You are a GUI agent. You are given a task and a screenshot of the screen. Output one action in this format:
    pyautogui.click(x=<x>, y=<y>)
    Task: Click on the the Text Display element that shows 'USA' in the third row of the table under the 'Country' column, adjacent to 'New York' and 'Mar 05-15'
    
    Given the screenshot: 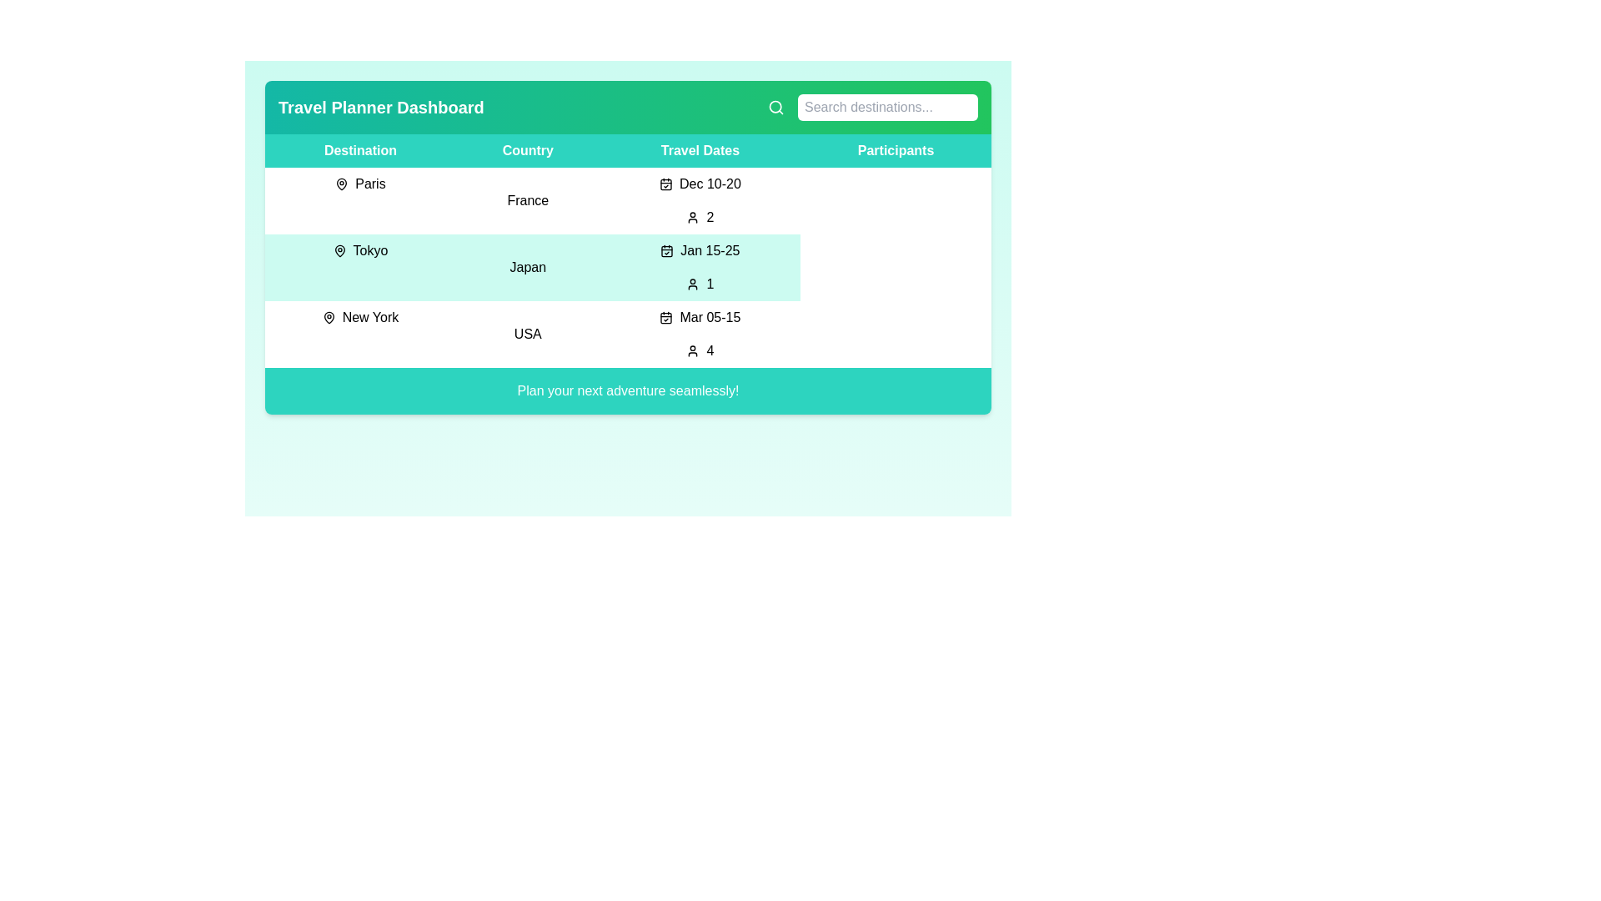 What is the action you would take?
    pyautogui.click(x=527, y=335)
    